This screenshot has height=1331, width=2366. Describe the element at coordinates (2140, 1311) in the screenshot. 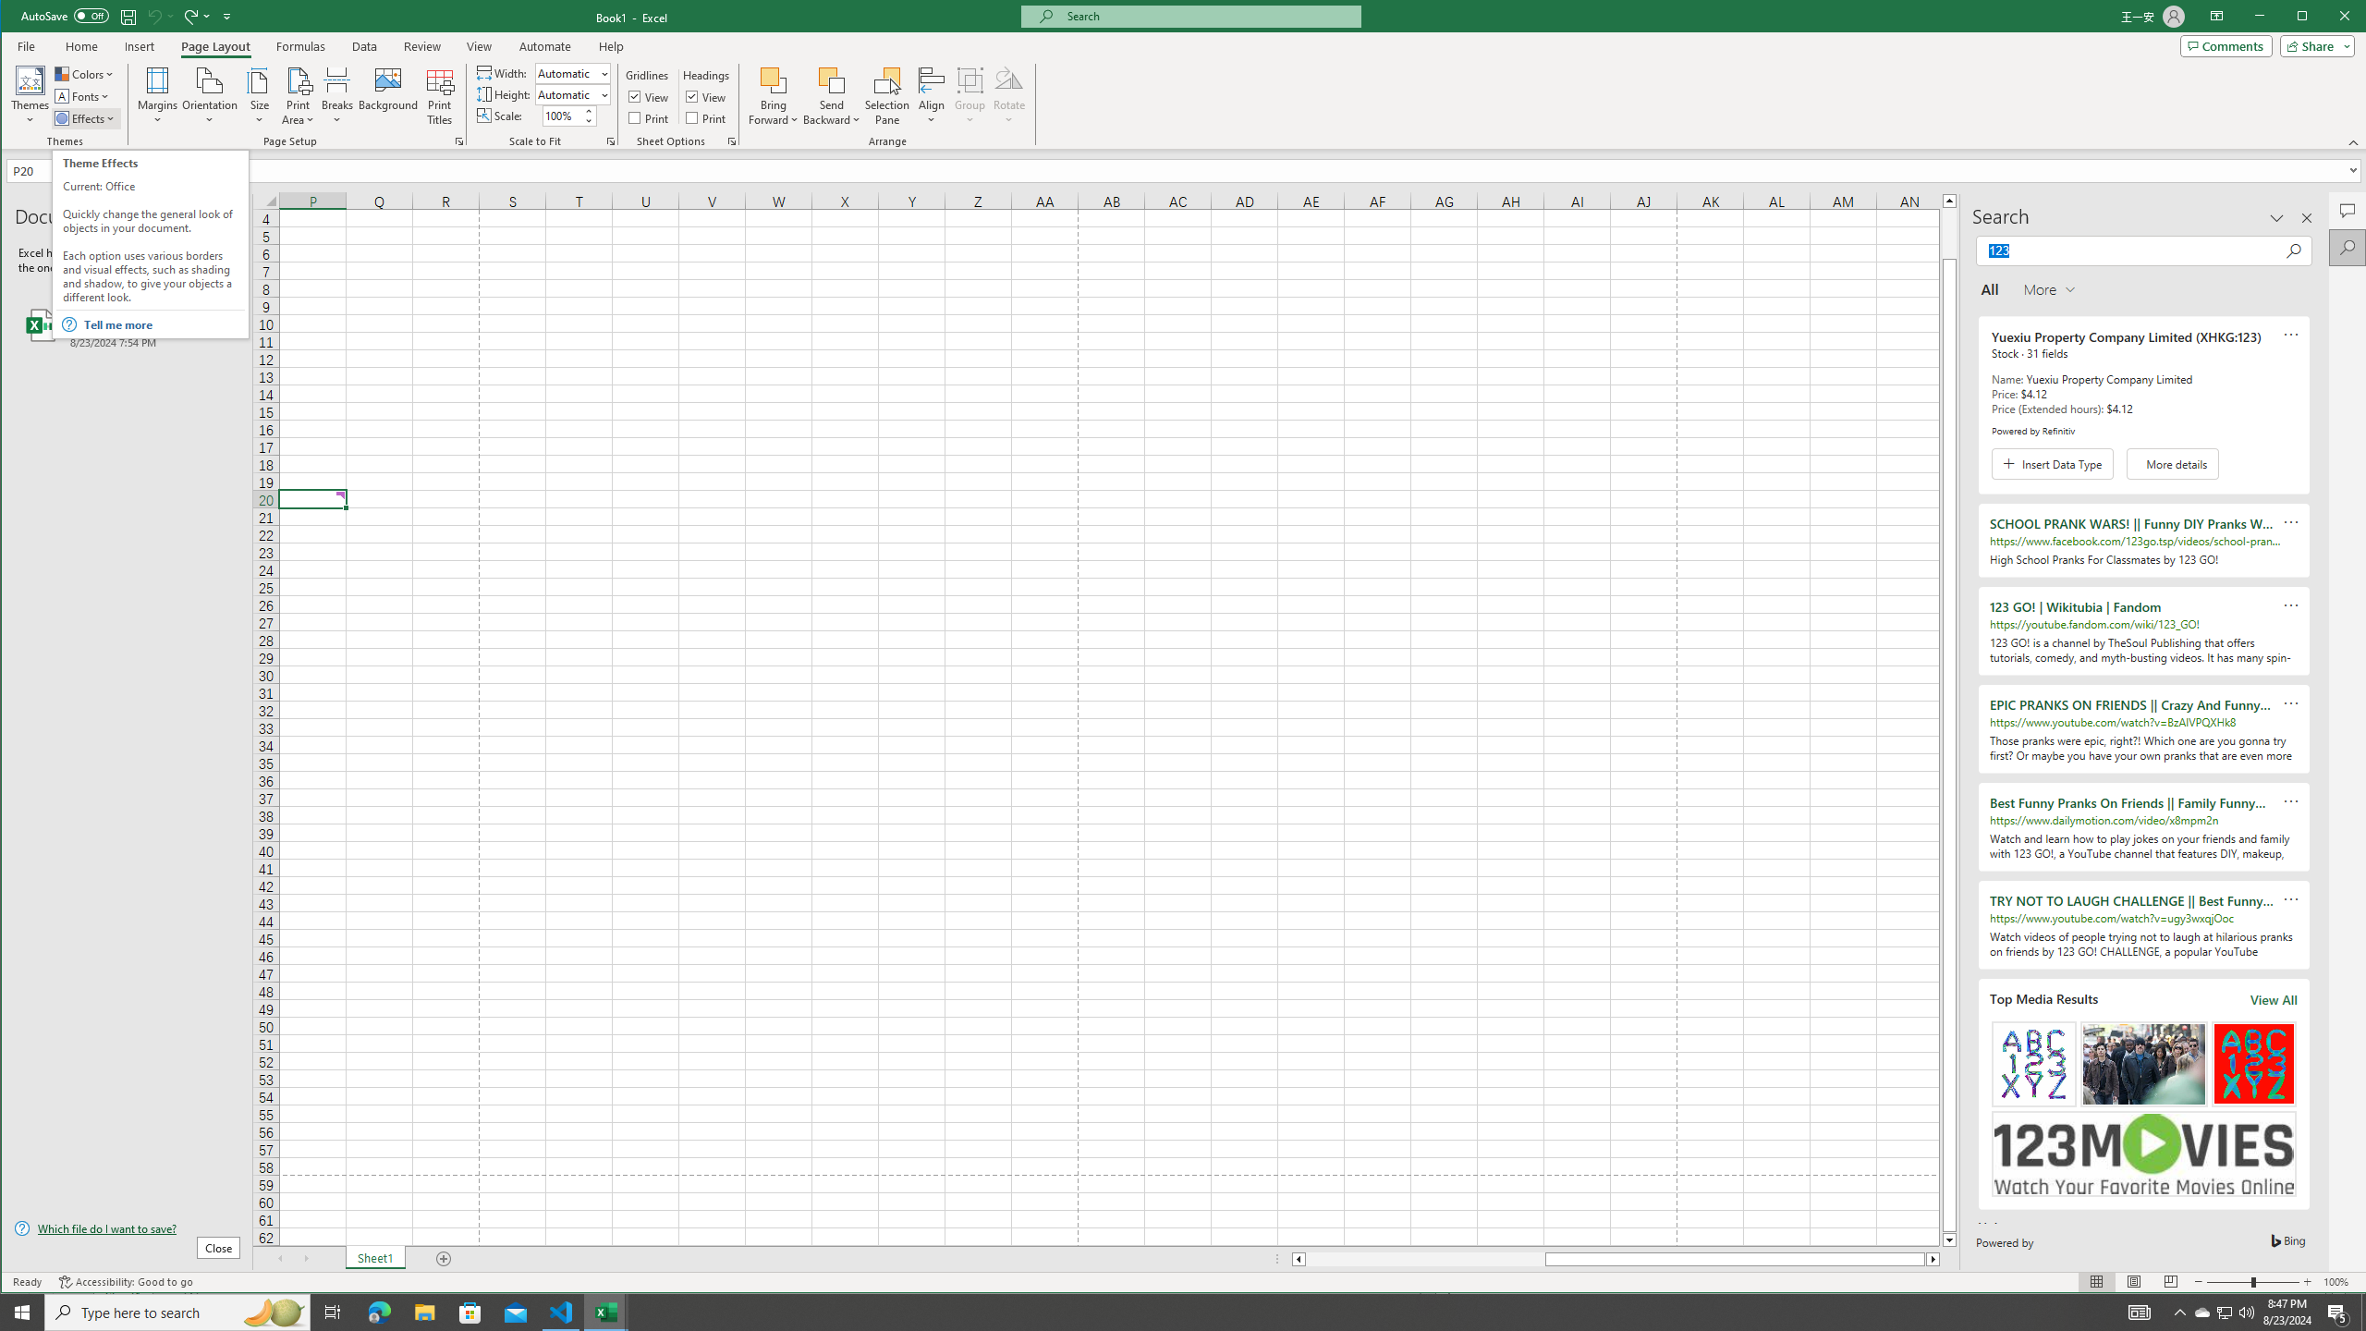

I see `'AutomationID: 4105'` at that location.